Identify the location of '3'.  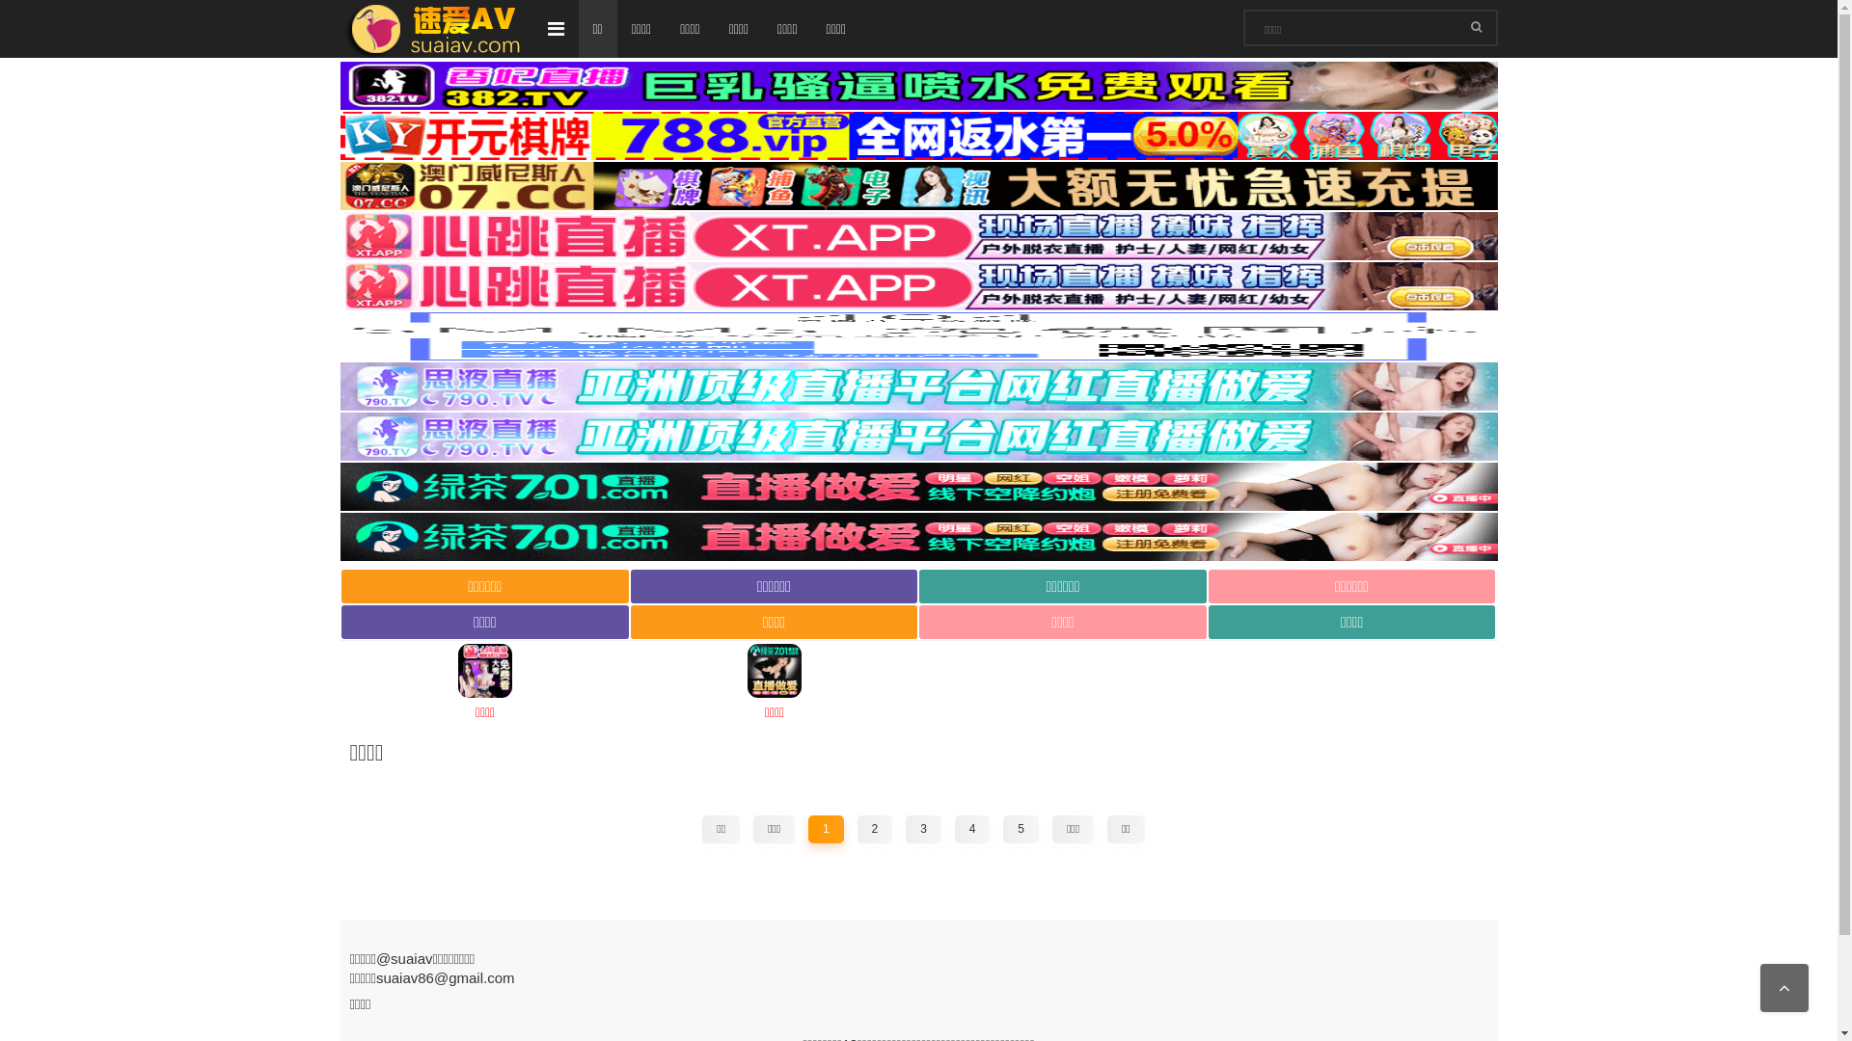
(922, 828).